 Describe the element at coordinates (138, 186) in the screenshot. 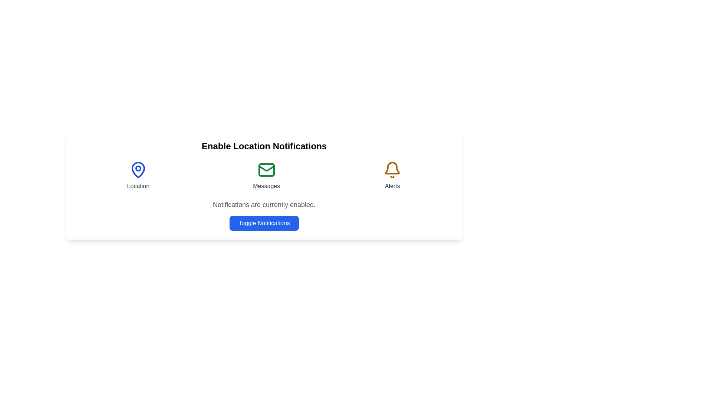

I see `the text label that categorizes the location pin icon, positioned at the center of the bottom row in the left section of the interface` at that location.